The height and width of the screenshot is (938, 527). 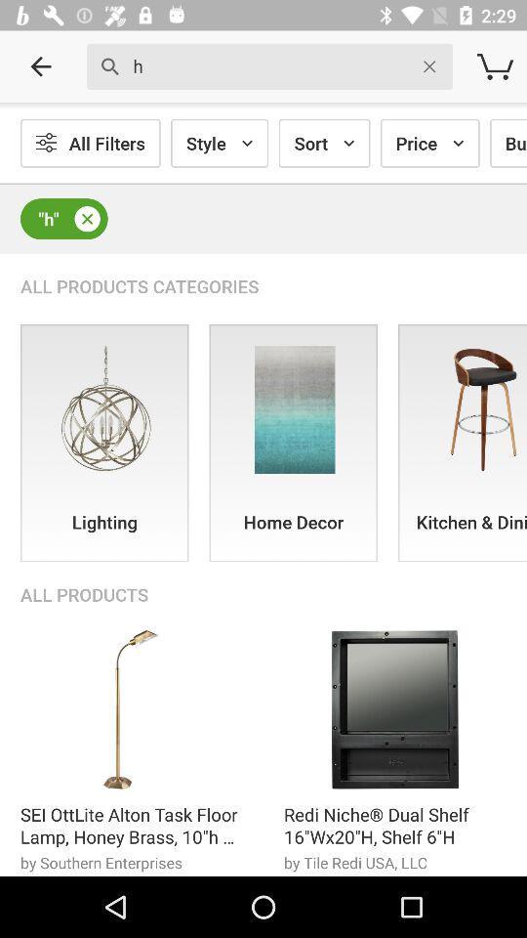 I want to click on close, so click(x=86, y=219).